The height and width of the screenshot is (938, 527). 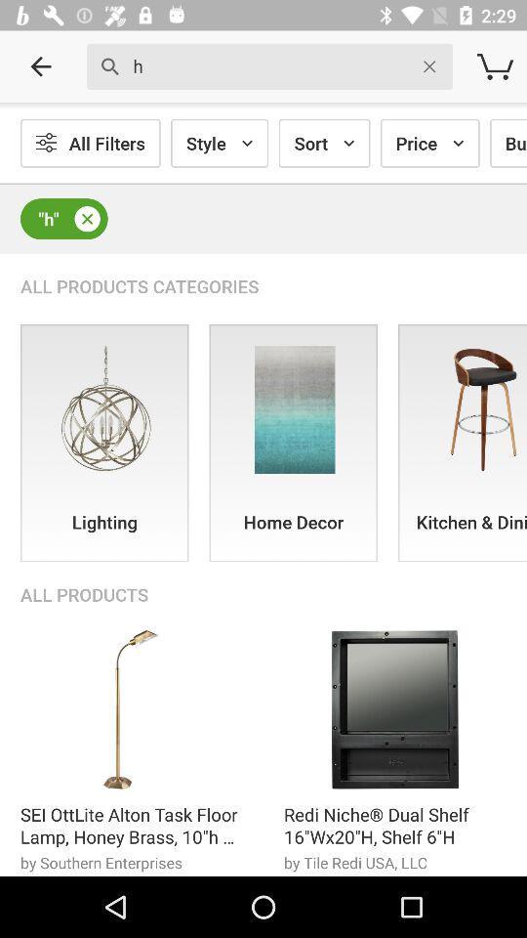 I want to click on close, so click(x=86, y=219).